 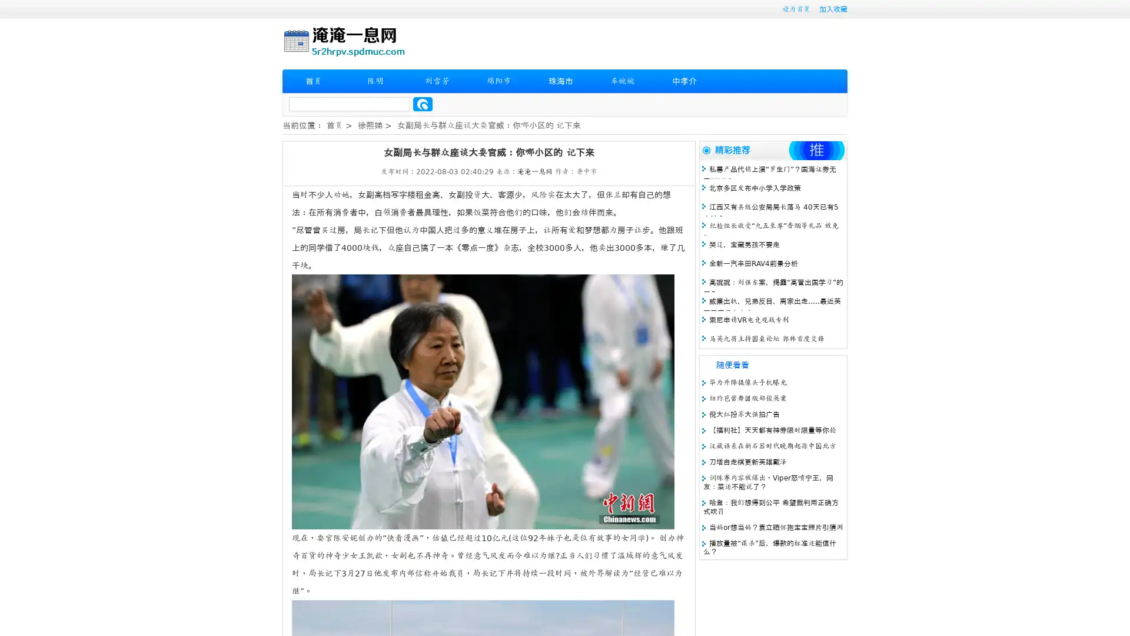 What do you see at coordinates (423, 104) in the screenshot?
I see `Search` at bounding box center [423, 104].